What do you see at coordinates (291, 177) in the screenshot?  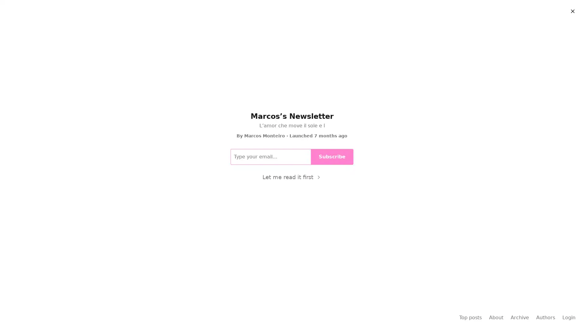 I see `Let me read it first` at bounding box center [291, 177].